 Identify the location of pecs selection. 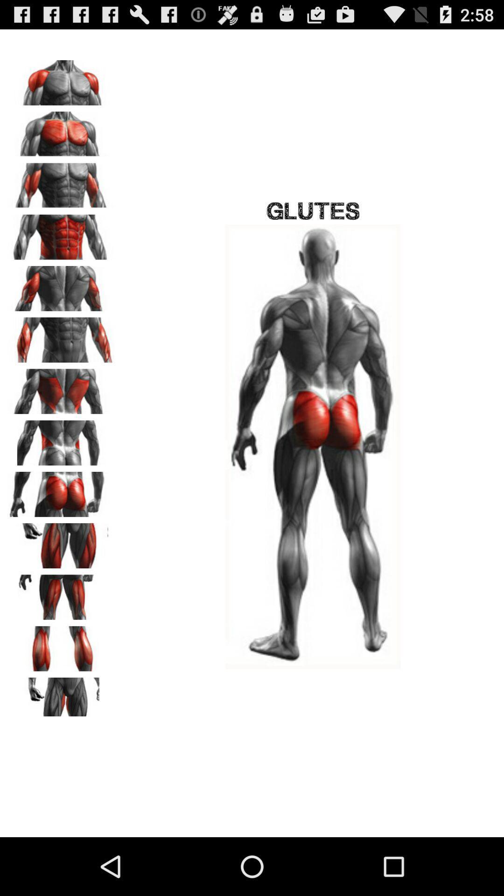
(61, 130).